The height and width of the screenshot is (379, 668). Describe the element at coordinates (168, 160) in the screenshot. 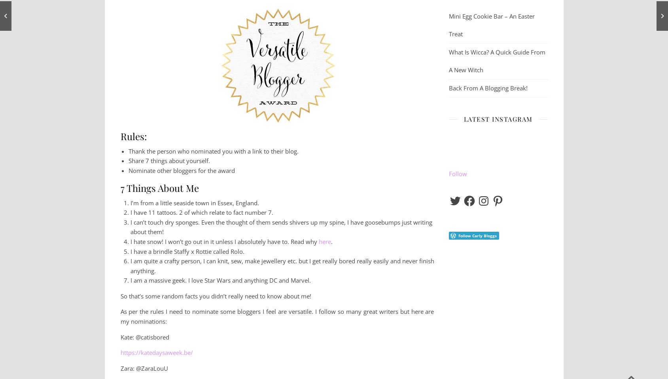

I see `'Share 7 things about yourself.'` at that location.